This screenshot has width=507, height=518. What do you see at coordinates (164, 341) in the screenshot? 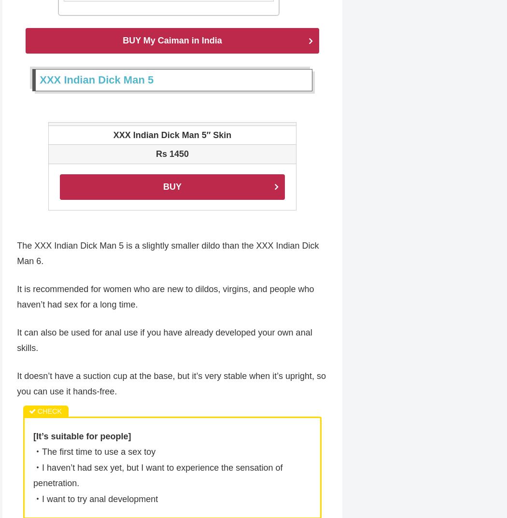
I see `'It can also be used for anal use if you have already developed your own anal skills.'` at bounding box center [164, 341].